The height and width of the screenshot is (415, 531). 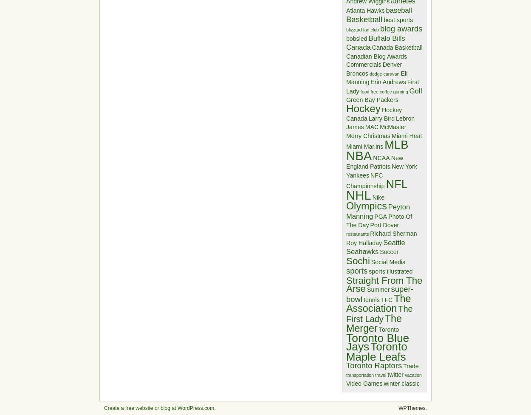 I want to click on 'Canada', so click(x=346, y=47).